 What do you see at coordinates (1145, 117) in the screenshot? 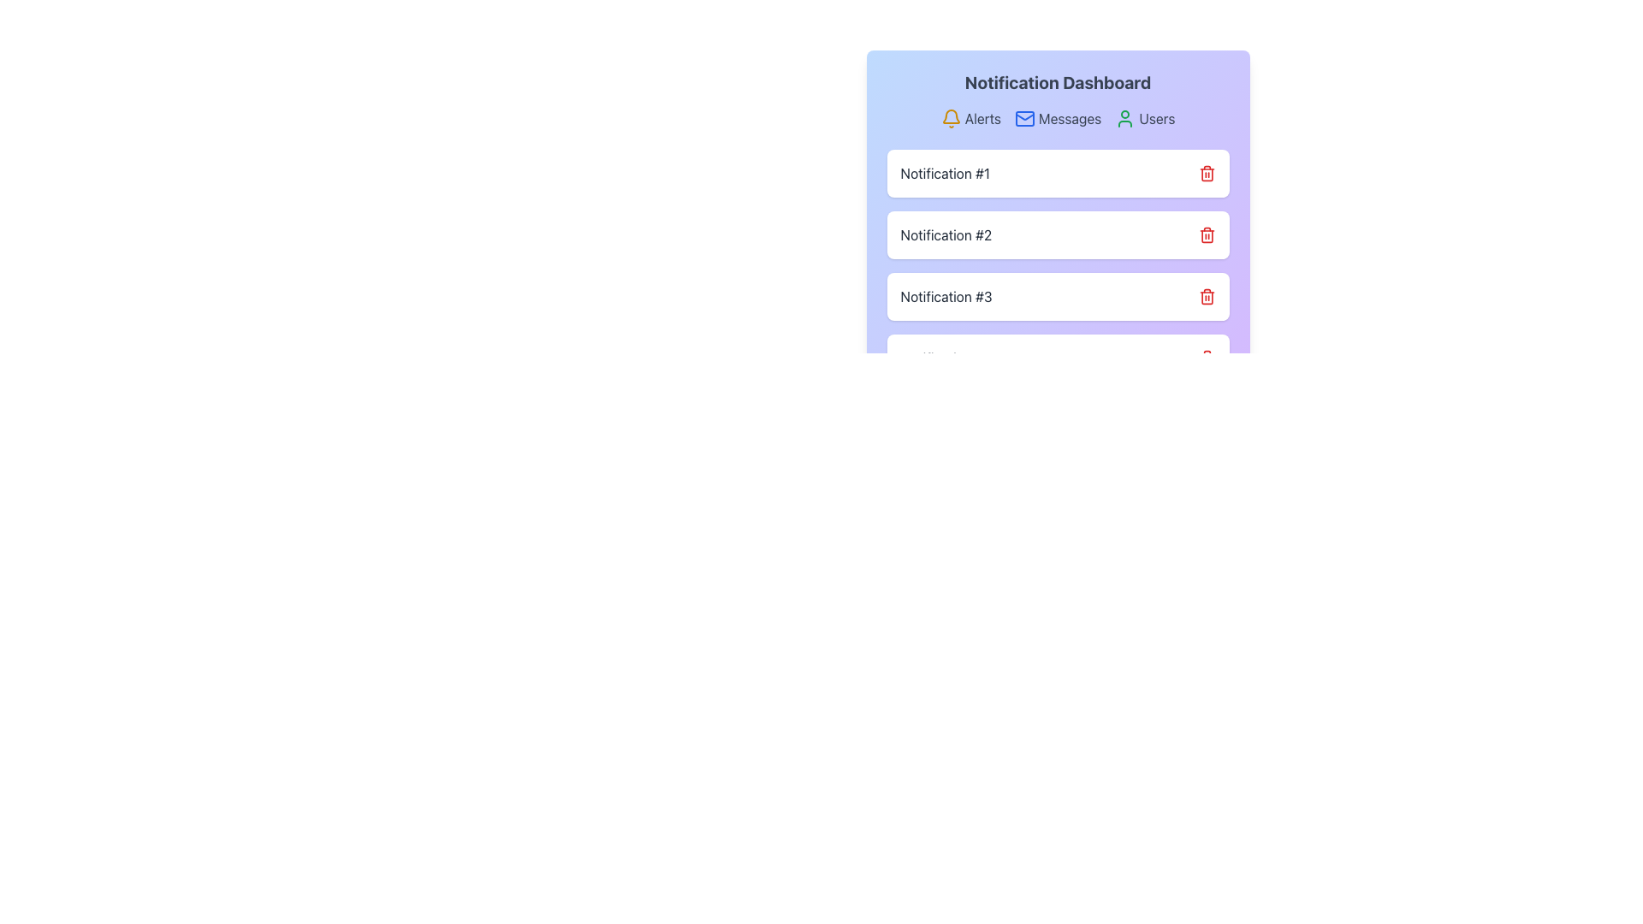
I see `the 'Users' Navigation Label` at bounding box center [1145, 117].